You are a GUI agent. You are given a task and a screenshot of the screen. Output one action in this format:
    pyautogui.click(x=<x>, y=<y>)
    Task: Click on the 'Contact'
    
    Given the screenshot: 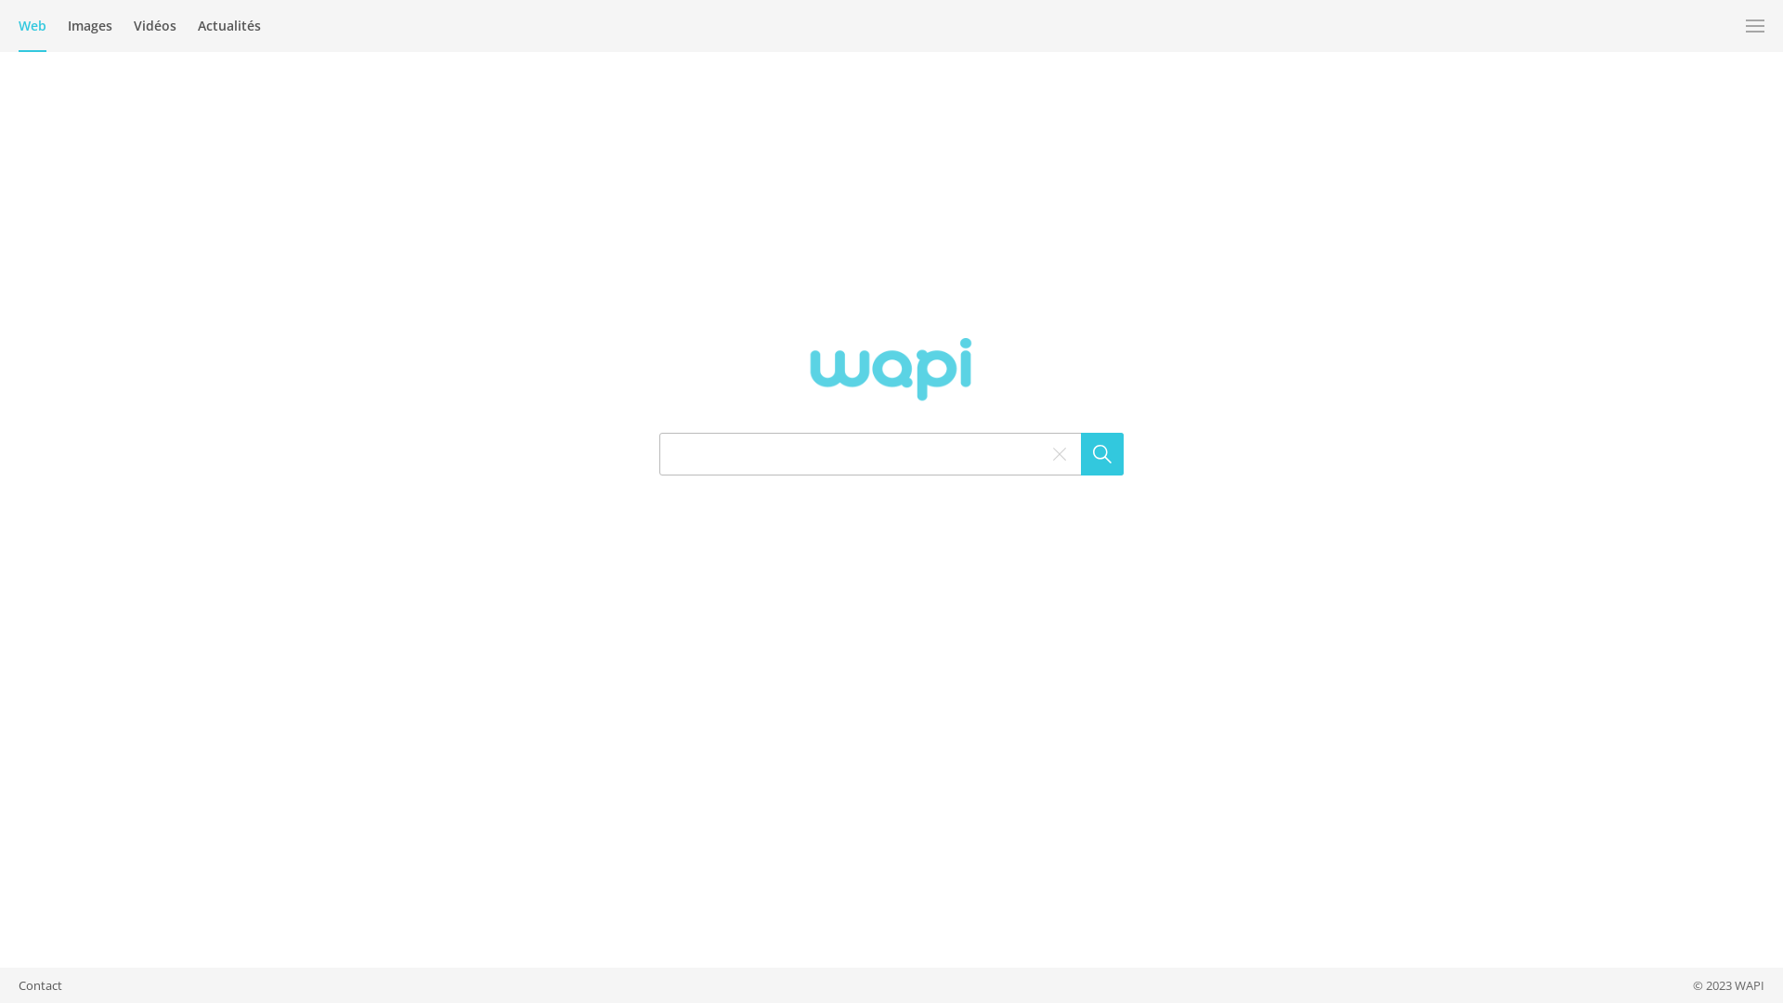 What is the action you would take?
    pyautogui.click(x=18, y=983)
    